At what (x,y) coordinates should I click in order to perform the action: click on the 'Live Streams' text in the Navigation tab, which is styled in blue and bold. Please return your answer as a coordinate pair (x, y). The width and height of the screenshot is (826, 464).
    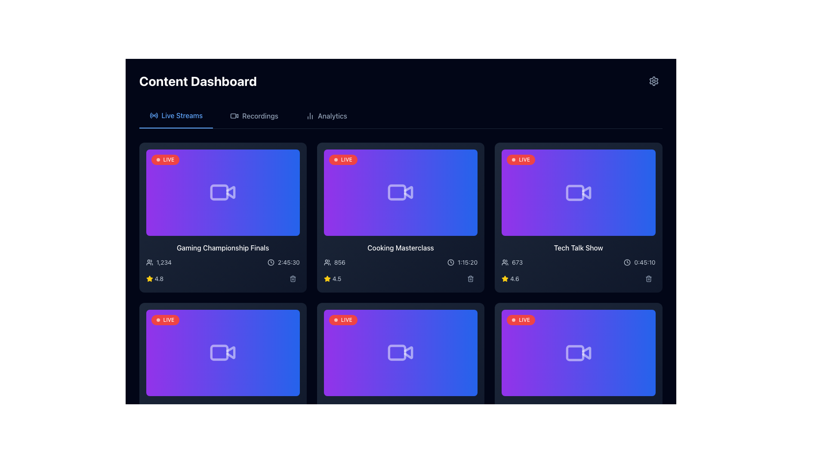
    Looking at the image, I should click on (176, 116).